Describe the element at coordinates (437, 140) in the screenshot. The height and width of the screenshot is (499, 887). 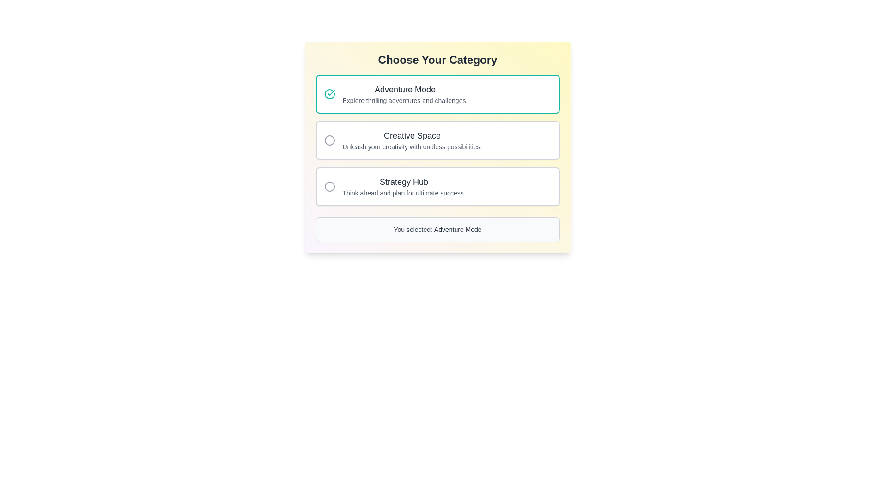
I see `the creative space option represented by the text block and icon, which is the second option in the vertical list under 'Choose Your Category'` at that location.